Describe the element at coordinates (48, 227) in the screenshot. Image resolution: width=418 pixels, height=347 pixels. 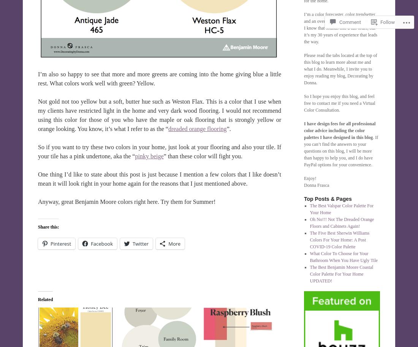
I see `'Share this:'` at that location.